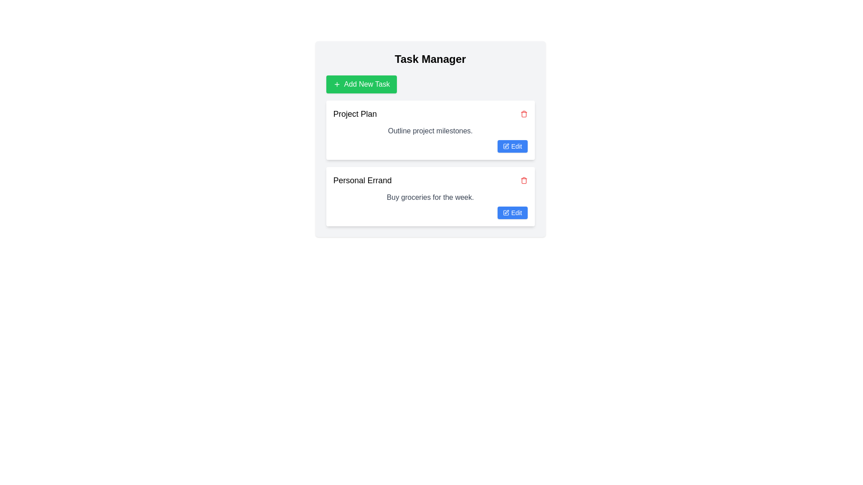 This screenshot has width=863, height=485. What do you see at coordinates (430, 197) in the screenshot?
I see `text content 'Buy groceries for the week.' located in the task management interface under the 'Personal Errand' title` at bounding box center [430, 197].